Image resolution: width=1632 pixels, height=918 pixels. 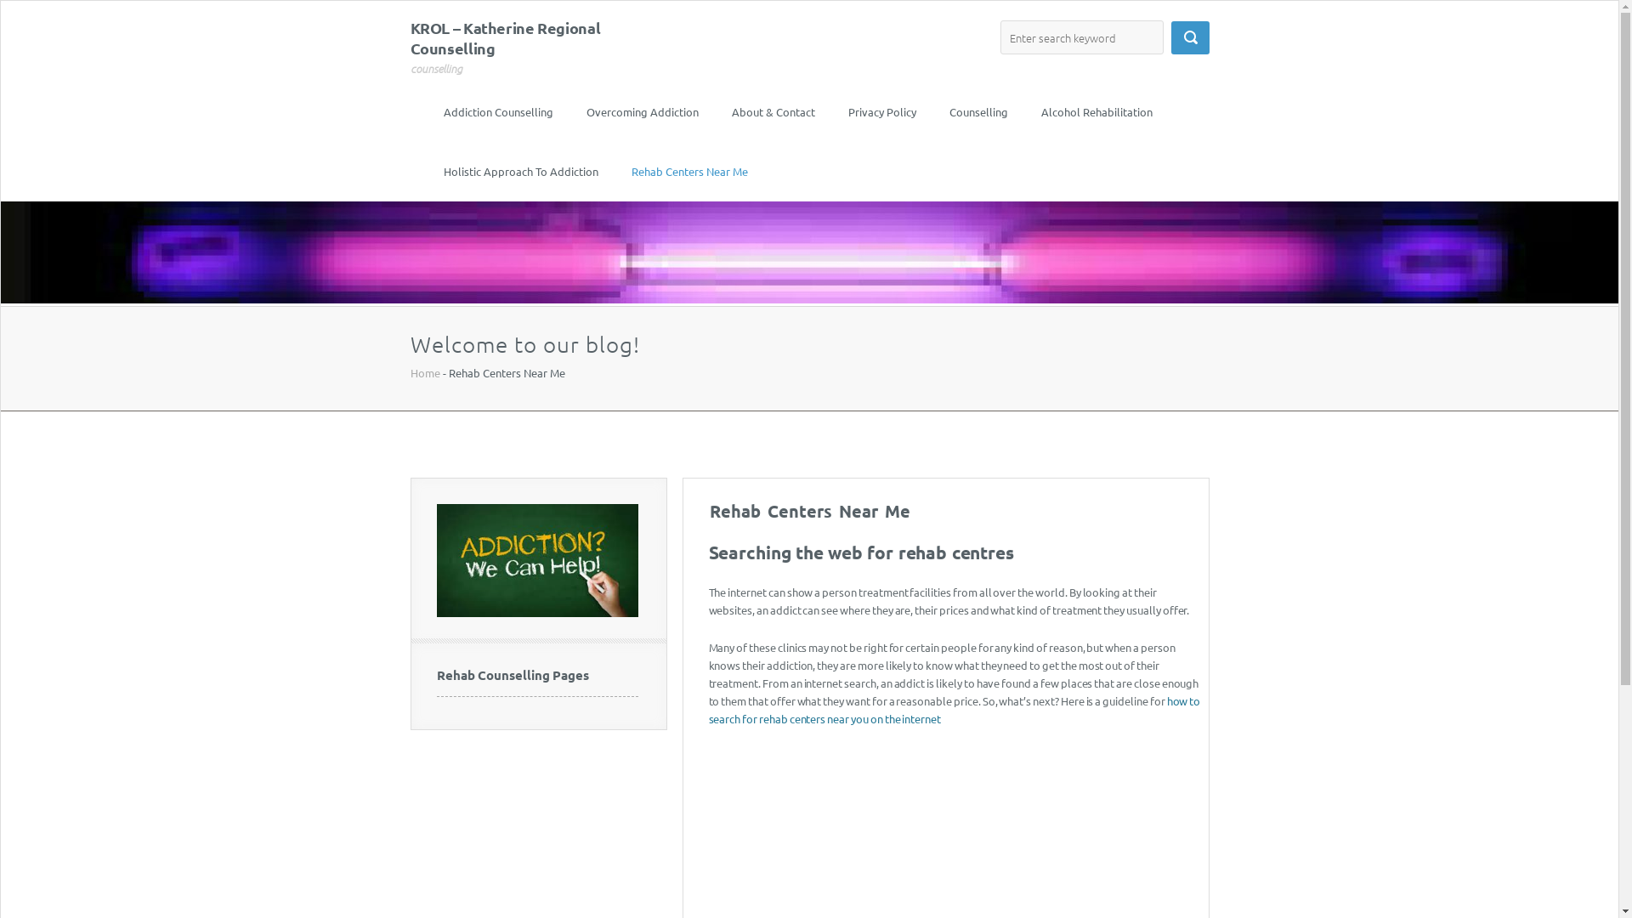 I want to click on 'Addiction Counselling', so click(x=444, y=111).